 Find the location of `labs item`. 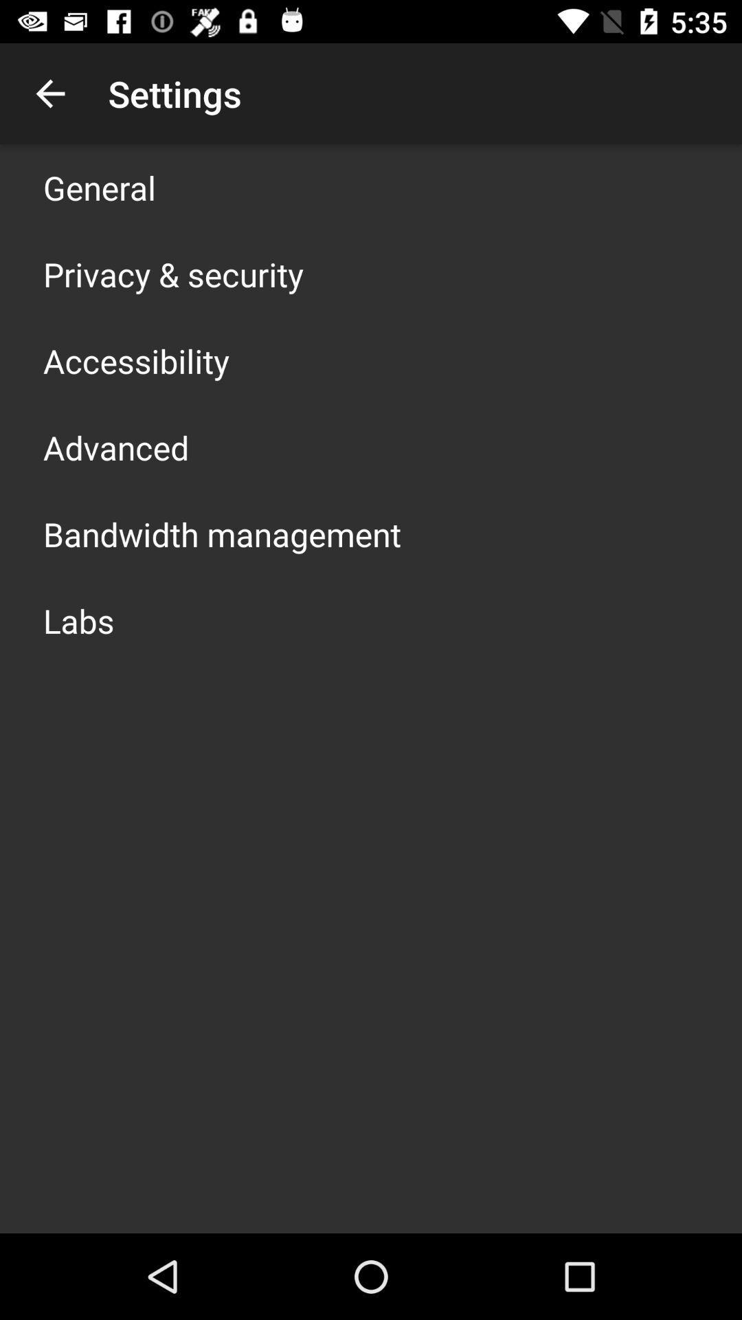

labs item is located at coordinates (78, 619).